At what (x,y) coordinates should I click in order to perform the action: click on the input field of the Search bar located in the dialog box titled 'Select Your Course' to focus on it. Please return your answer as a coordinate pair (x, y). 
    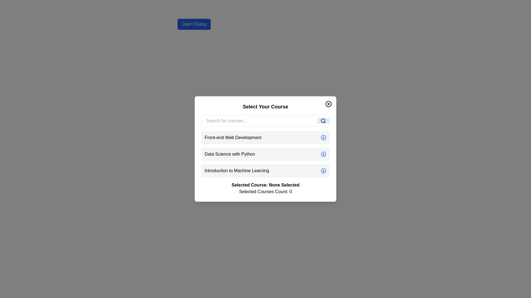
    Looking at the image, I should click on (265, 121).